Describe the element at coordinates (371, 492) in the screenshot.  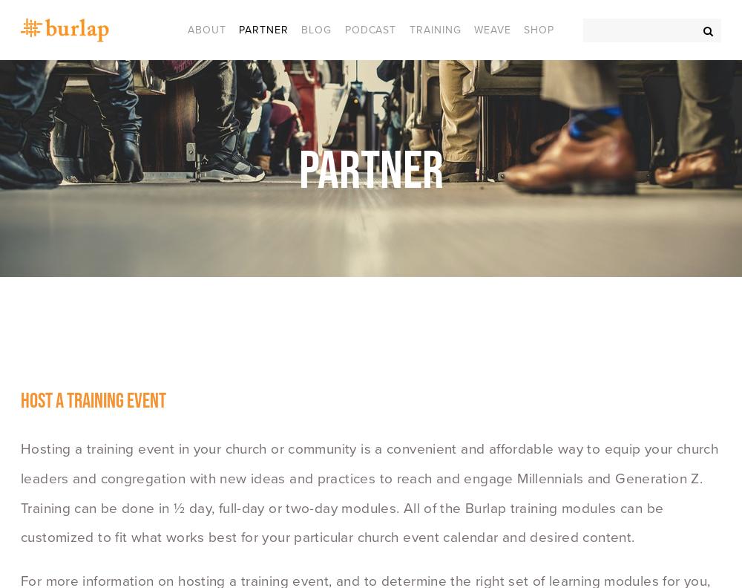
I see `'Hosting a training event in your church or community is a convenient and affordable way to equip your church leaders and congregation with new ideas and practices to reach and engage Millennials and Generation Z.  Training can be done in ½ day, full-day or two-day modules. All of the Burlap training modules can be customized to fit what works best for your particular church event calendar and desired content.'` at that location.